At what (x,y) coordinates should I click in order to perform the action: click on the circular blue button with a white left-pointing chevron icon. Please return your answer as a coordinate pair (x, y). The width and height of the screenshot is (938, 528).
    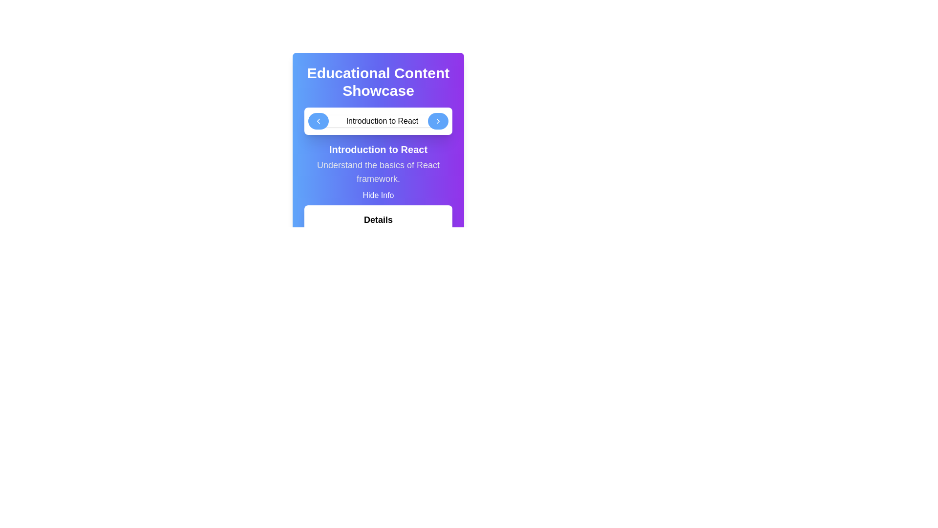
    Looking at the image, I should click on (318, 120).